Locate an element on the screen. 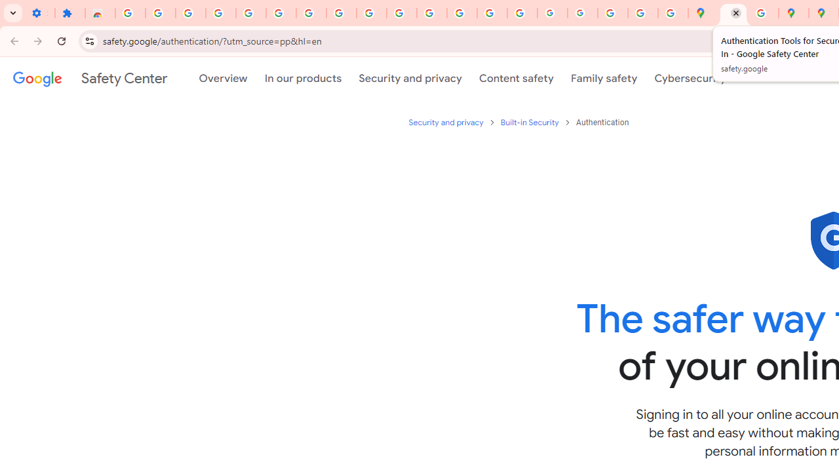 This screenshot has height=472, width=839. 'Reviews: Helix Fruit Jump Arcade Game' is located at coordinates (100, 13).